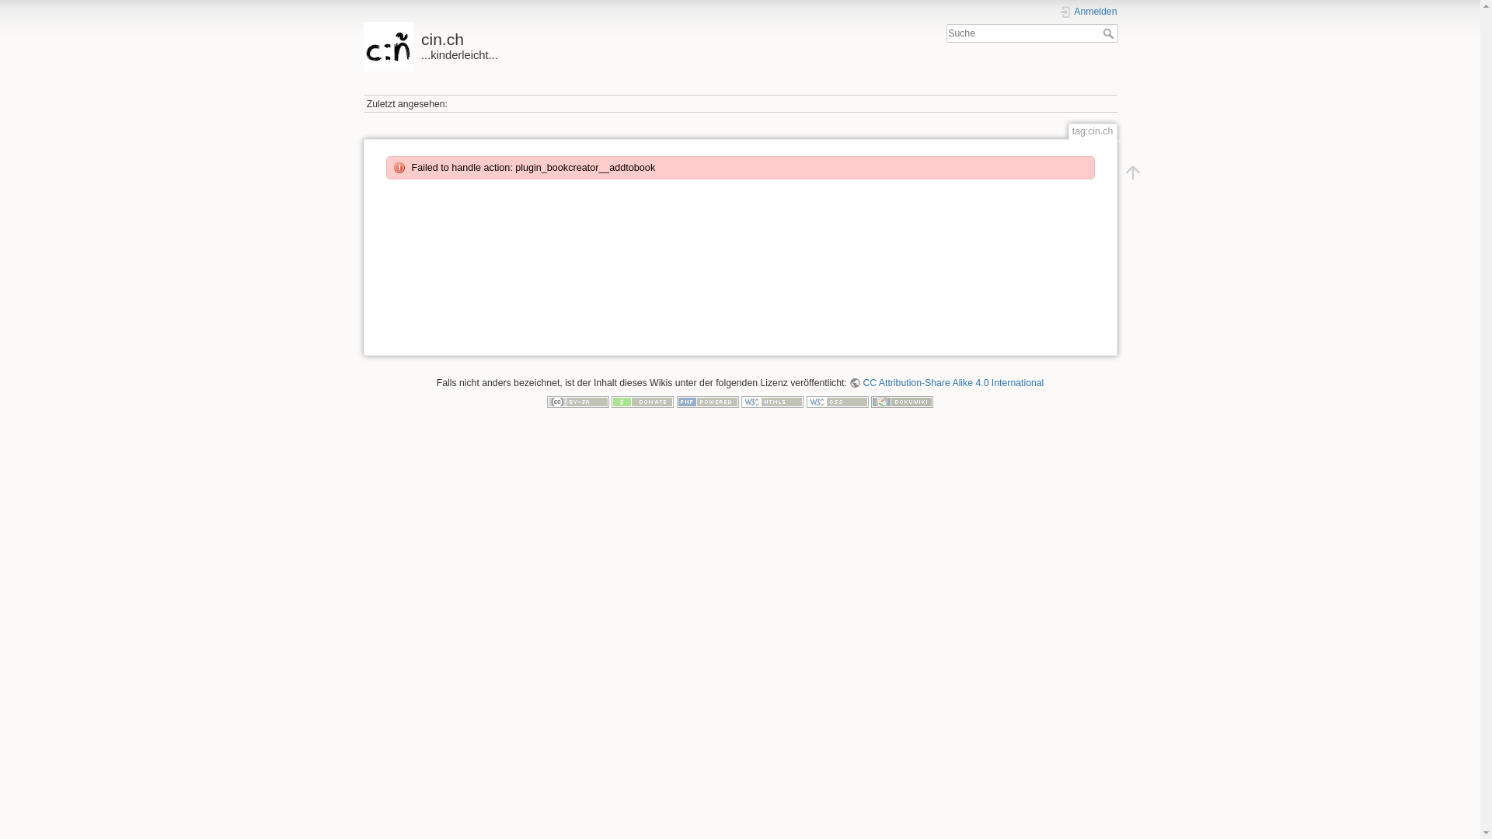  Describe the element at coordinates (1087, 12) in the screenshot. I see `'Anmelden'` at that location.